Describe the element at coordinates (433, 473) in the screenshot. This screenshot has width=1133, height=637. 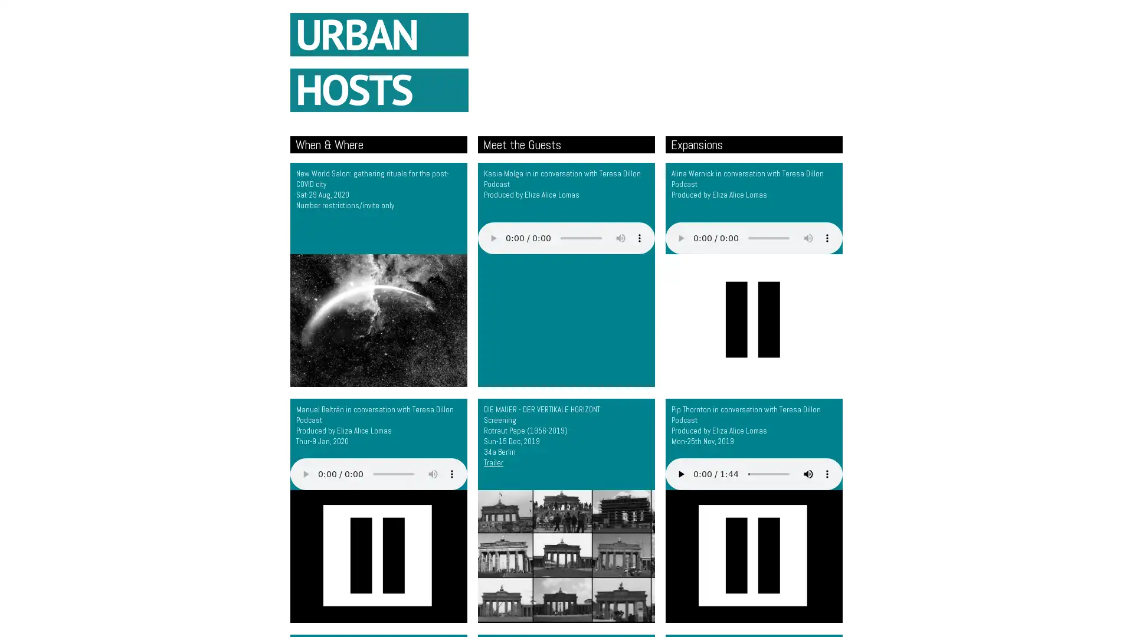
I see `mute` at that location.